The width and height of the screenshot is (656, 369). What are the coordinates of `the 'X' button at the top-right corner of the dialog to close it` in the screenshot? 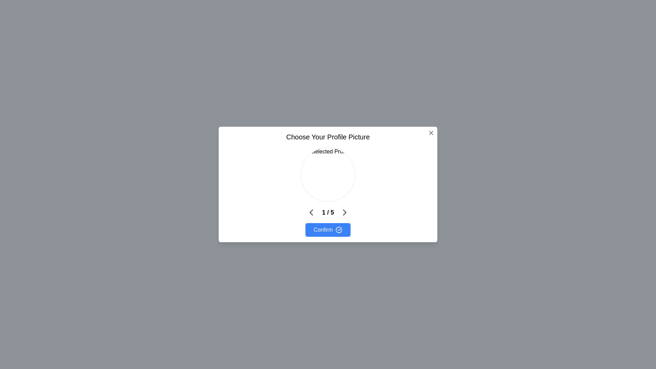 It's located at (431, 133).